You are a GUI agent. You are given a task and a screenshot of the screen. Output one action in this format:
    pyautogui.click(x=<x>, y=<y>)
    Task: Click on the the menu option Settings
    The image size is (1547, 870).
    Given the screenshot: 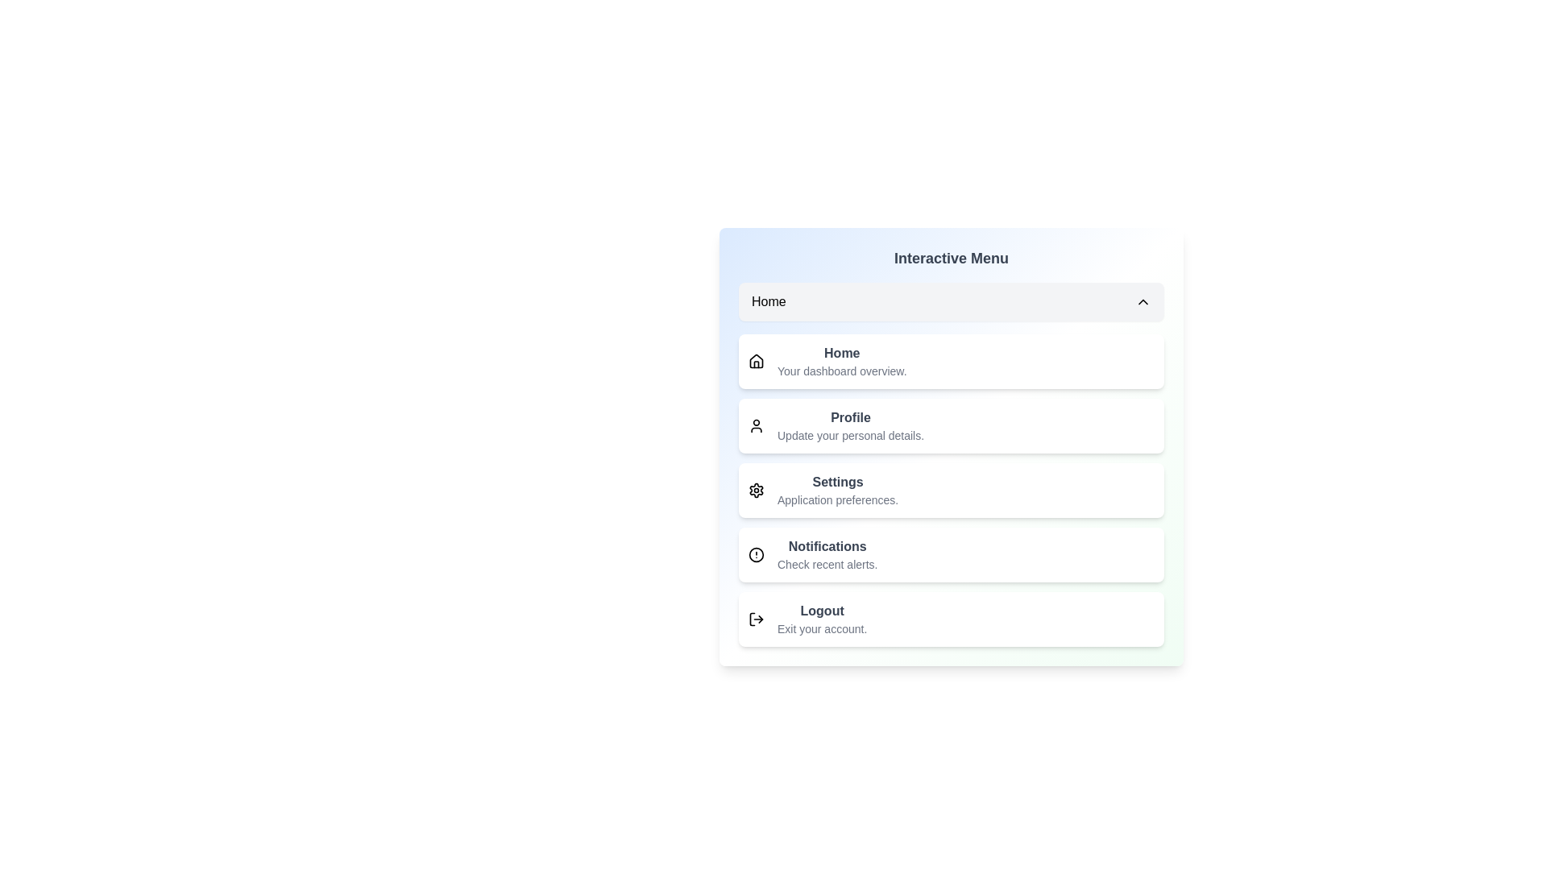 What is the action you would take?
    pyautogui.click(x=951, y=490)
    